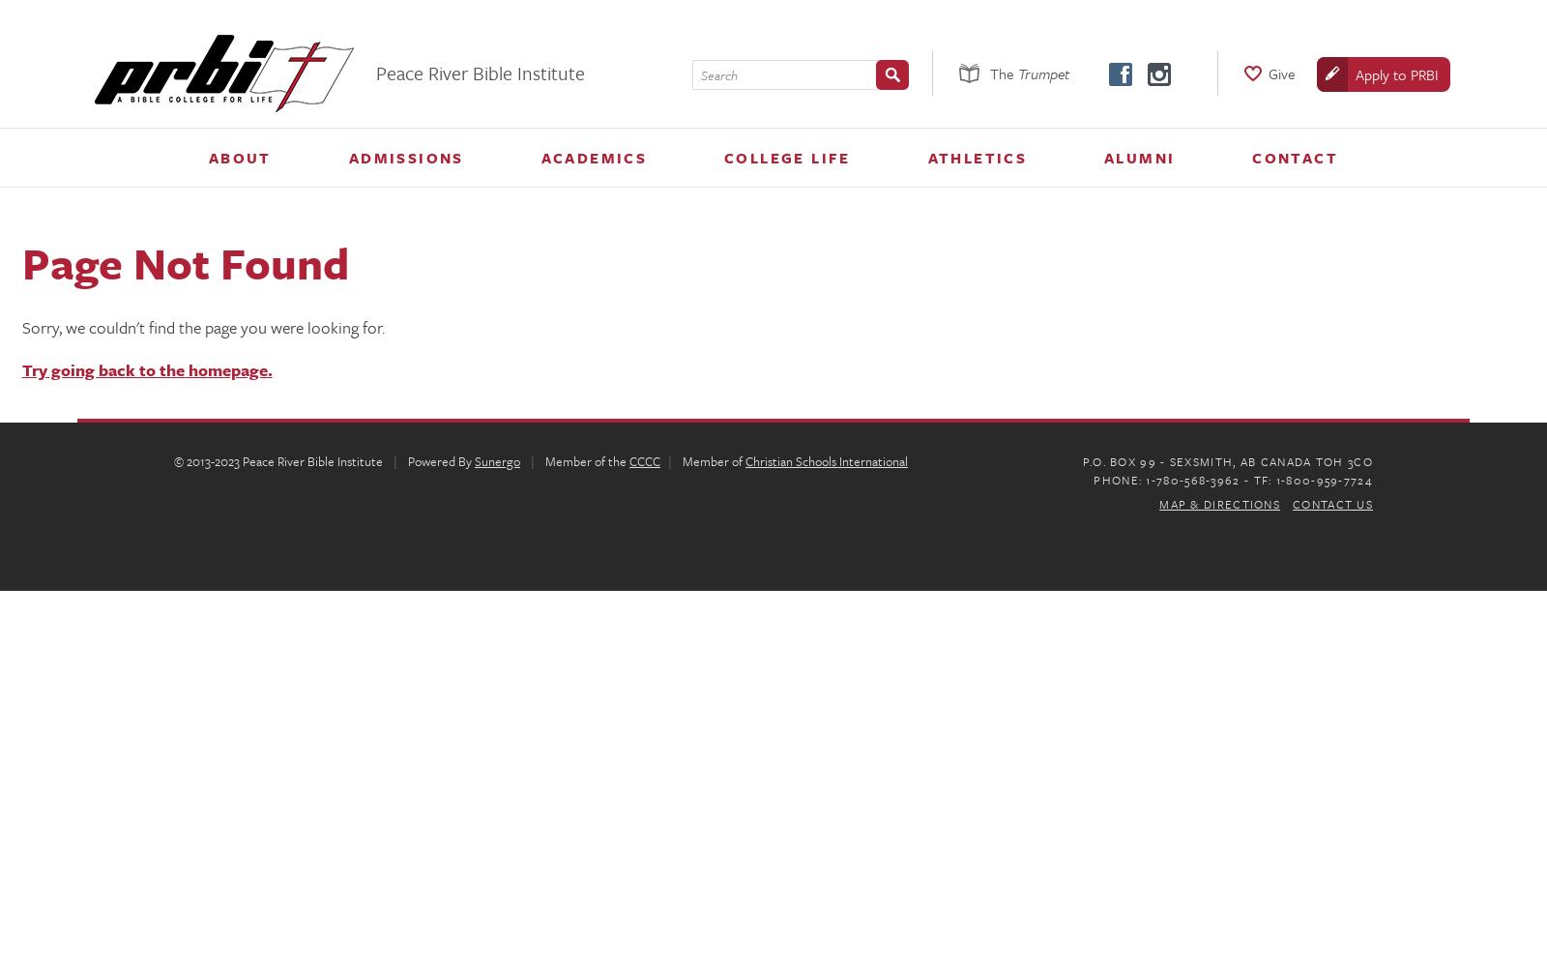 This screenshot has width=1547, height=967. What do you see at coordinates (926, 158) in the screenshot?
I see `'Athletics'` at bounding box center [926, 158].